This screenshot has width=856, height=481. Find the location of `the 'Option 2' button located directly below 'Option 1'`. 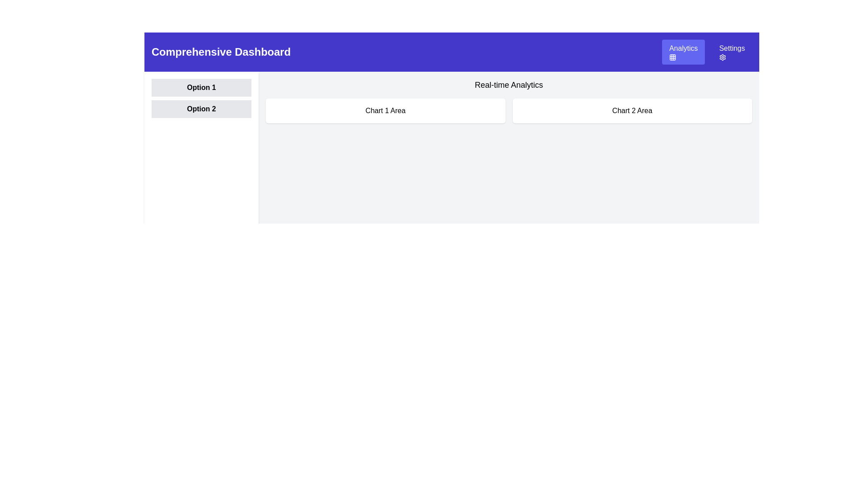

the 'Option 2' button located directly below 'Option 1' is located at coordinates (201, 109).